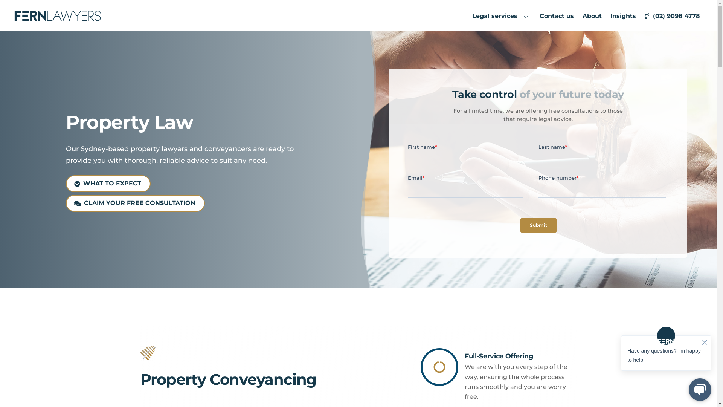  I want to click on 'Insights', so click(607, 16).